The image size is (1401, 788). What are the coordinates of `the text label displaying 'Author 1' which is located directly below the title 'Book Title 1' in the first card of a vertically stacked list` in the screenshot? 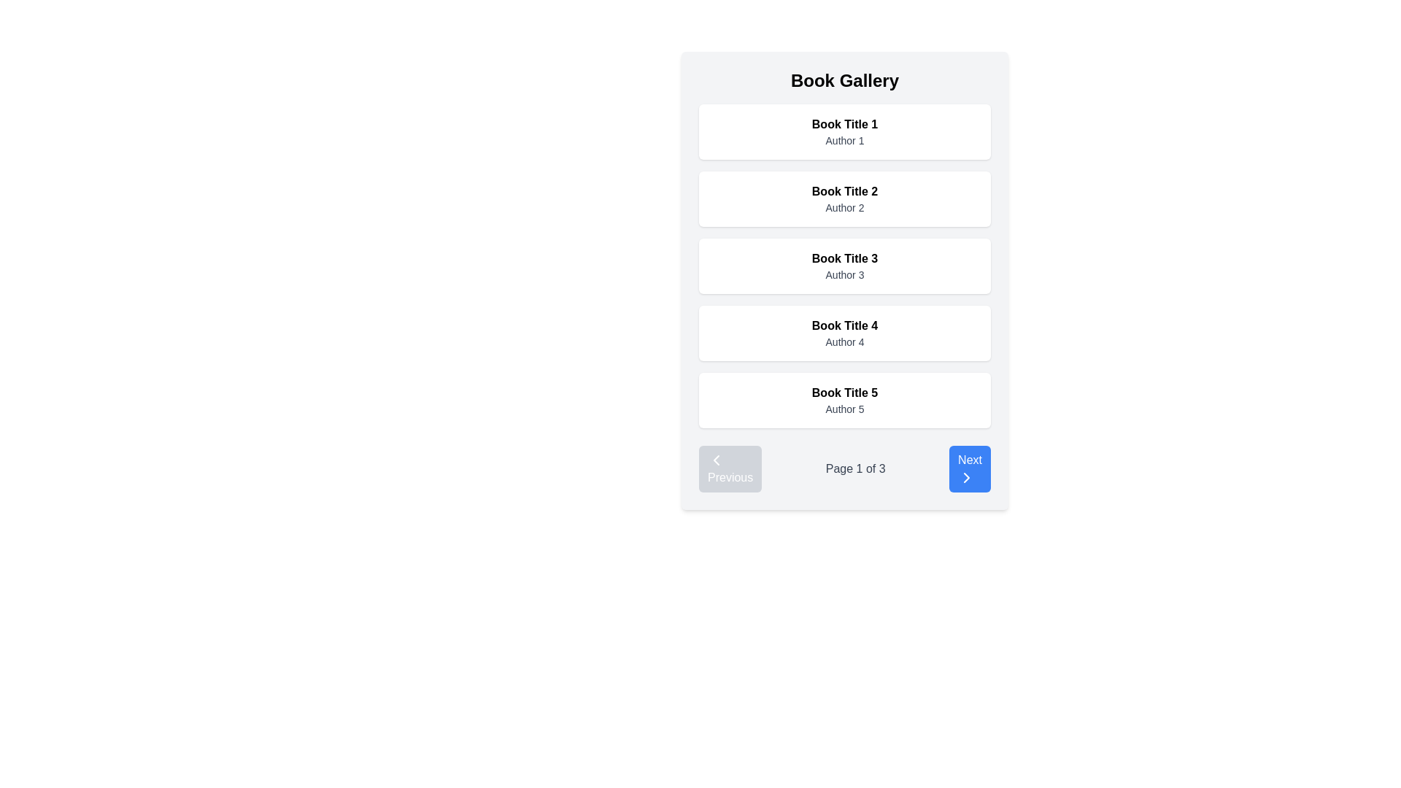 It's located at (844, 140).